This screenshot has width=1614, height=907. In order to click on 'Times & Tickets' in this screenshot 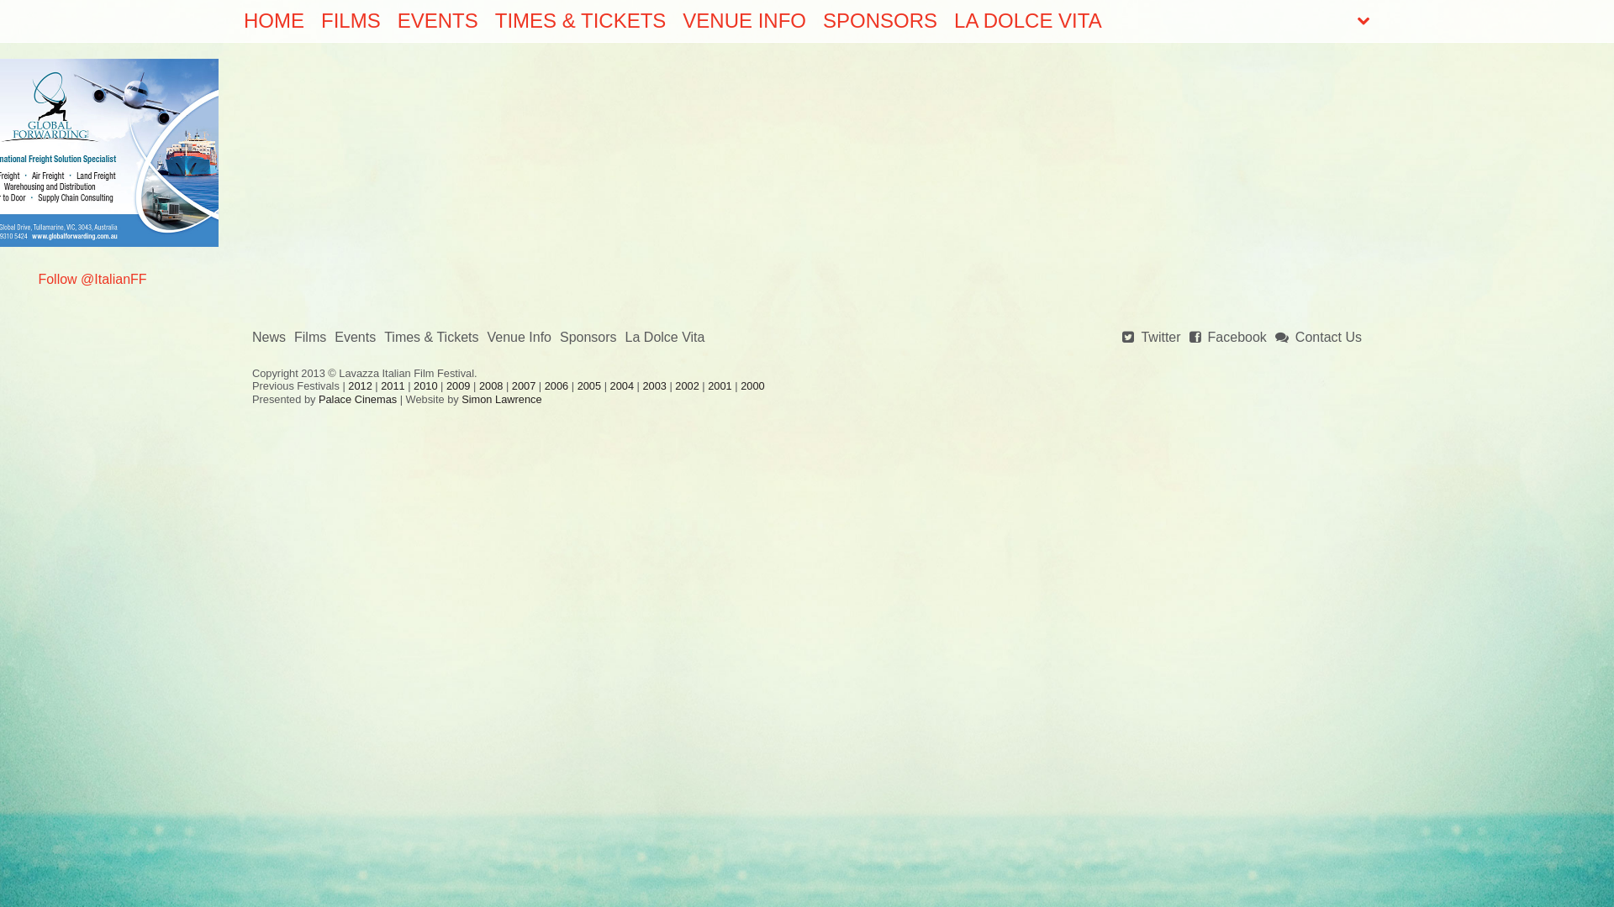, I will do `click(431, 338)`.